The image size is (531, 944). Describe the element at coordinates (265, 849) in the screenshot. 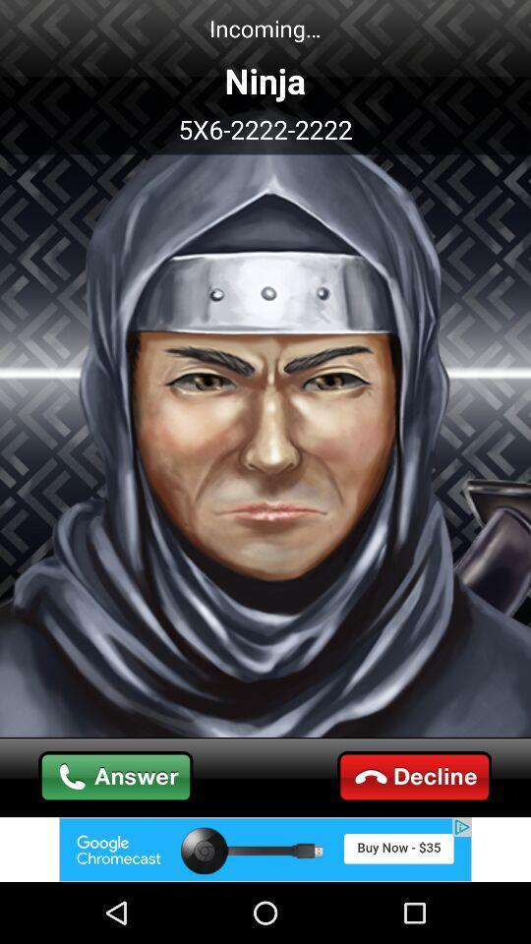

I see `visit advertised website` at that location.